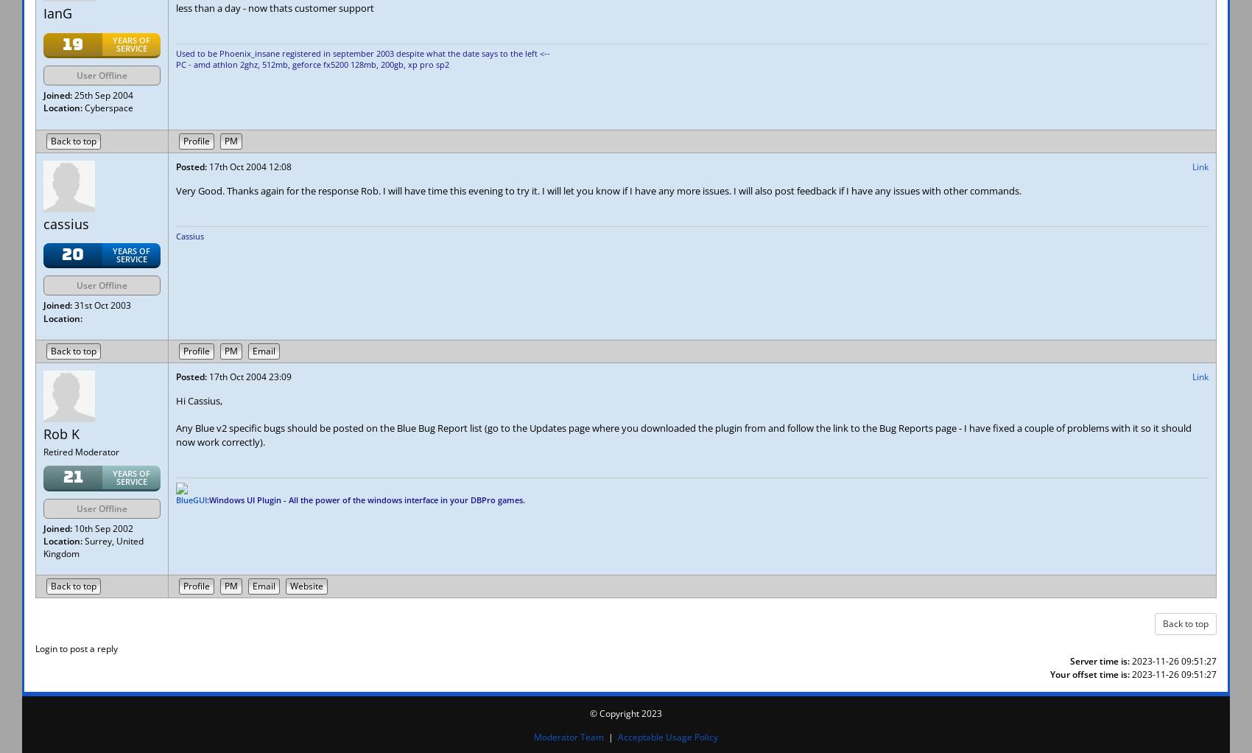  I want to click on '© Copyright 2023', so click(626, 712).